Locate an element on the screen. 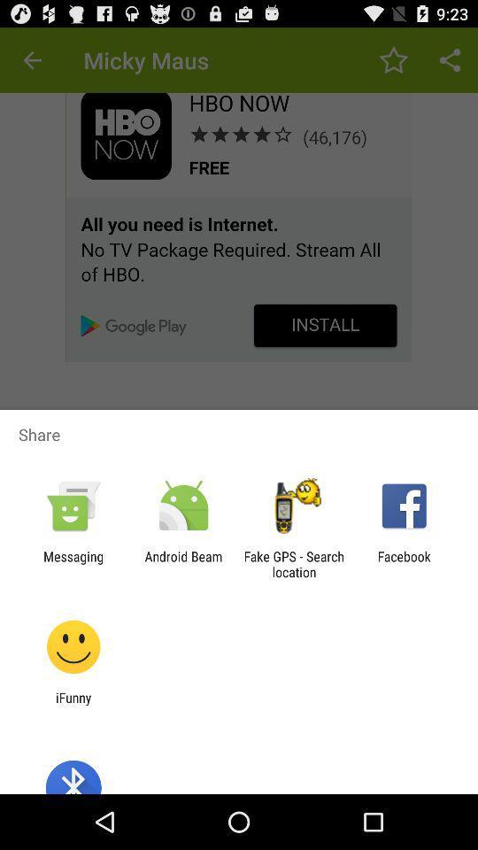 The image size is (478, 850). the android beam is located at coordinates (182, 563).